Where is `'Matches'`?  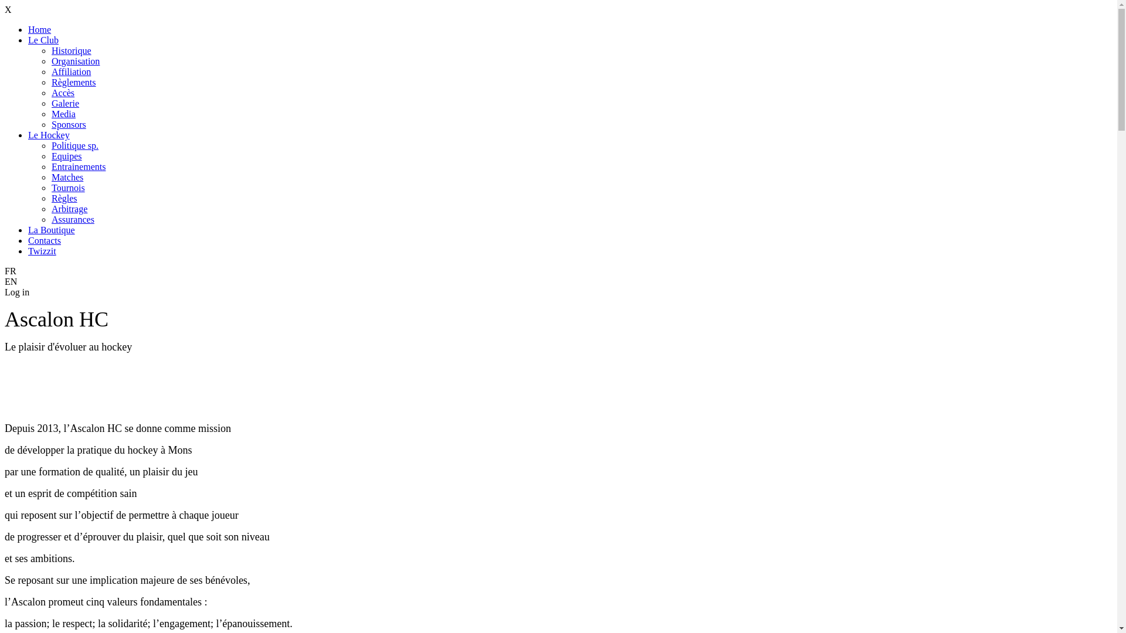 'Matches' is located at coordinates (50, 177).